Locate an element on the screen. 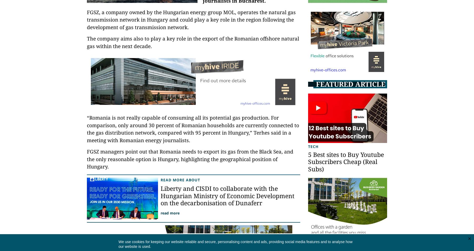 This screenshot has width=474, height=251. 'Read more about' is located at coordinates (180, 179).